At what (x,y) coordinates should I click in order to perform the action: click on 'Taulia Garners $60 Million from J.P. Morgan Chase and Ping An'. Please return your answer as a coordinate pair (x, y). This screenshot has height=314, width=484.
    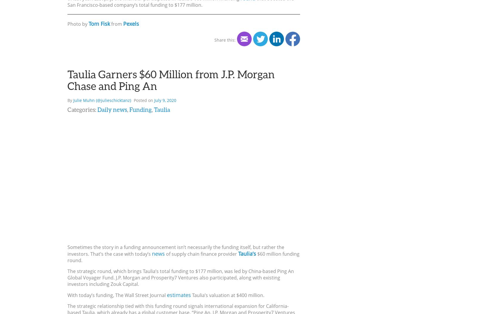
    Looking at the image, I should click on (171, 79).